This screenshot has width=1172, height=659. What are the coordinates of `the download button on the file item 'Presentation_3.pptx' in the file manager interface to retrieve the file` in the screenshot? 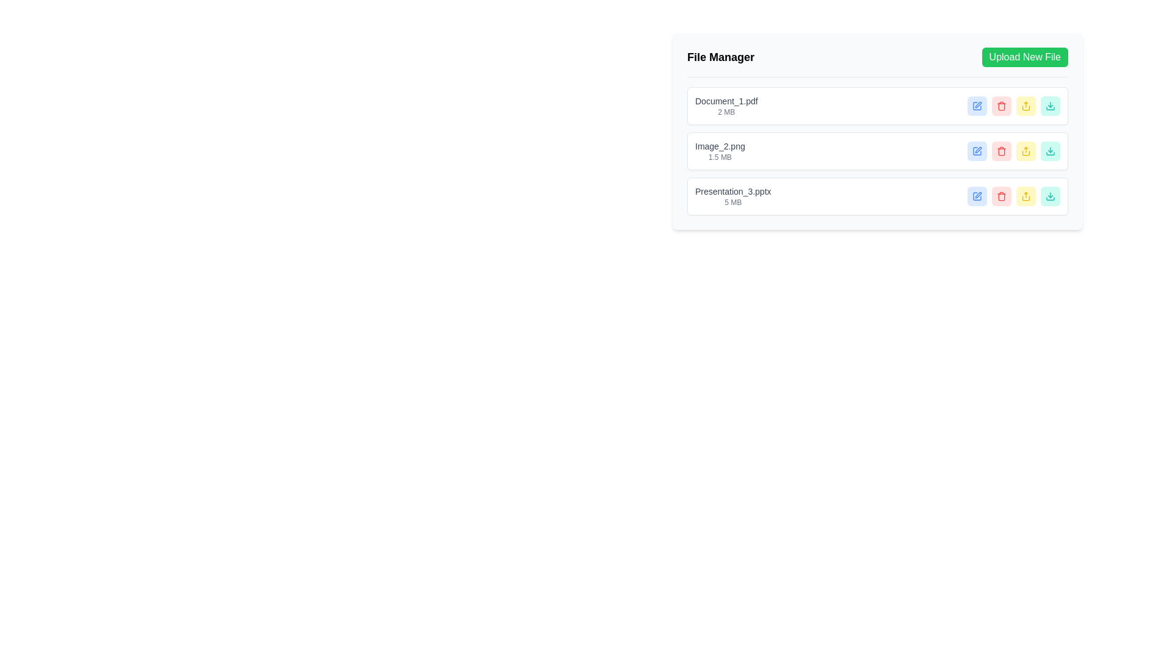 It's located at (877, 195).